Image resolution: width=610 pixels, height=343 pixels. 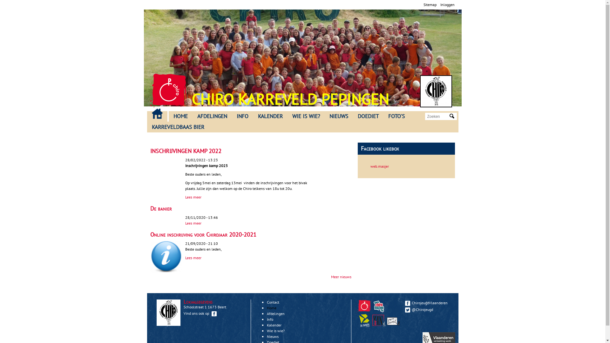 I want to click on 'Lees meer', so click(x=193, y=197).